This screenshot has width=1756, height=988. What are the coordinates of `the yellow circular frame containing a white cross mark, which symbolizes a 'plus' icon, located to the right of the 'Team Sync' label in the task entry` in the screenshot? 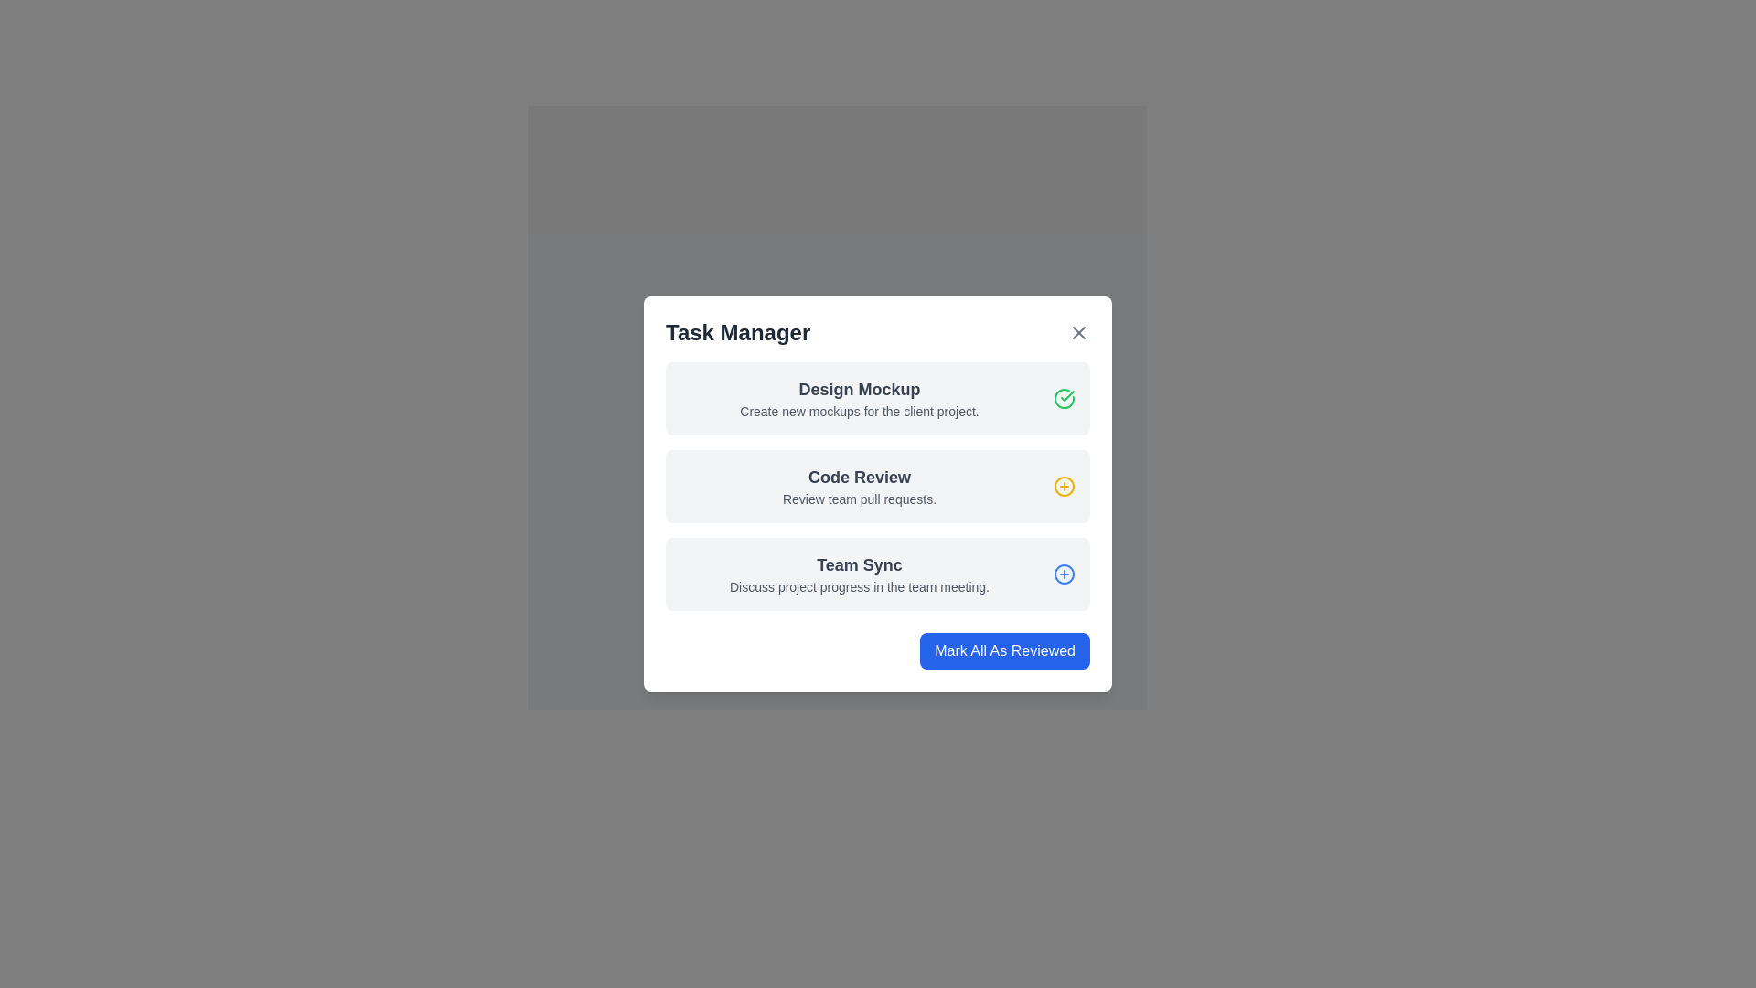 It's located at (1064, 486).